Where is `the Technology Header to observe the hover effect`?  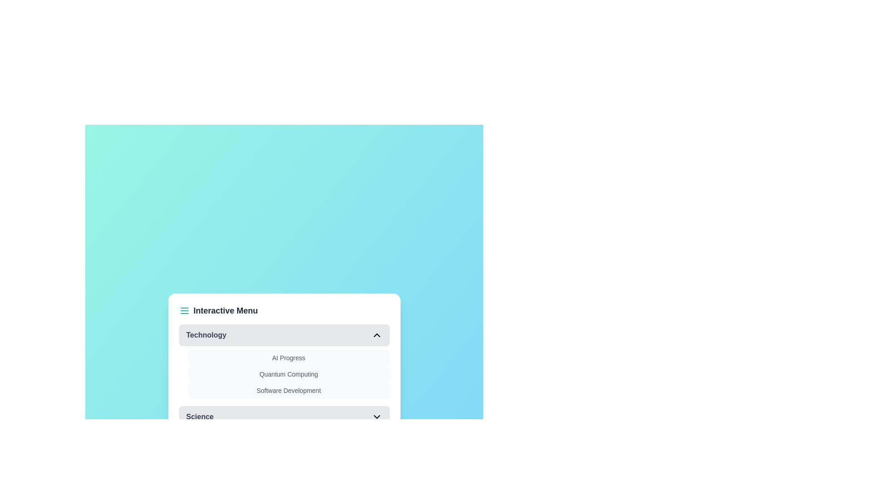 the Technology Header to observe the hover effect is located at coordinates (284, 335).